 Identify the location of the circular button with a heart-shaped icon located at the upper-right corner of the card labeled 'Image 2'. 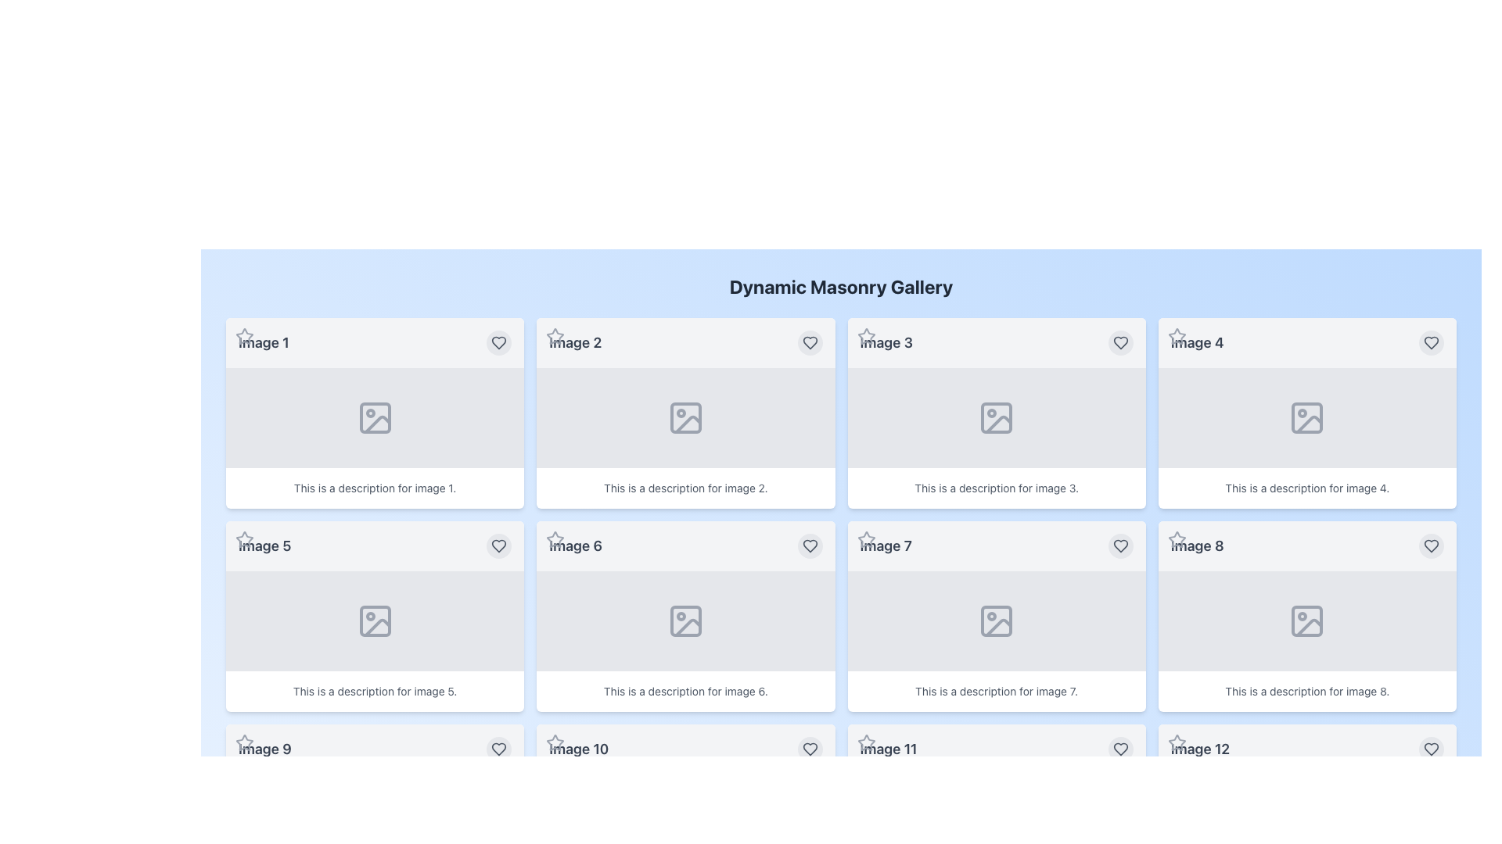
(810, 342).